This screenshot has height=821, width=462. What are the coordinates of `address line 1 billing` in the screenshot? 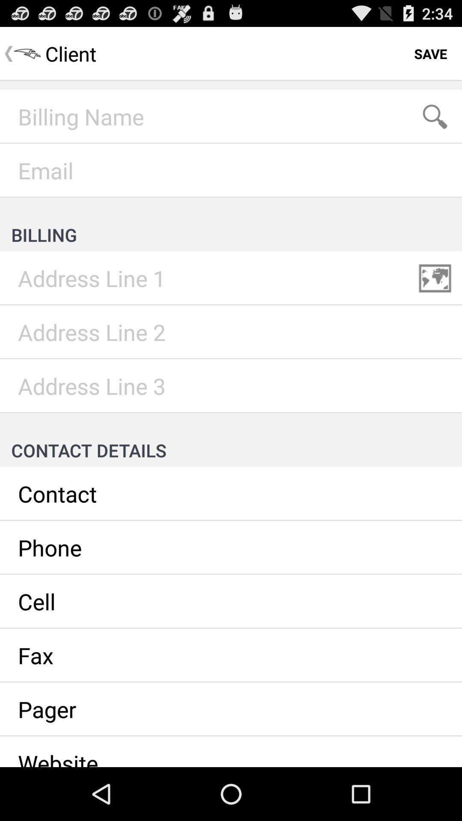 It's located at (231, 278).